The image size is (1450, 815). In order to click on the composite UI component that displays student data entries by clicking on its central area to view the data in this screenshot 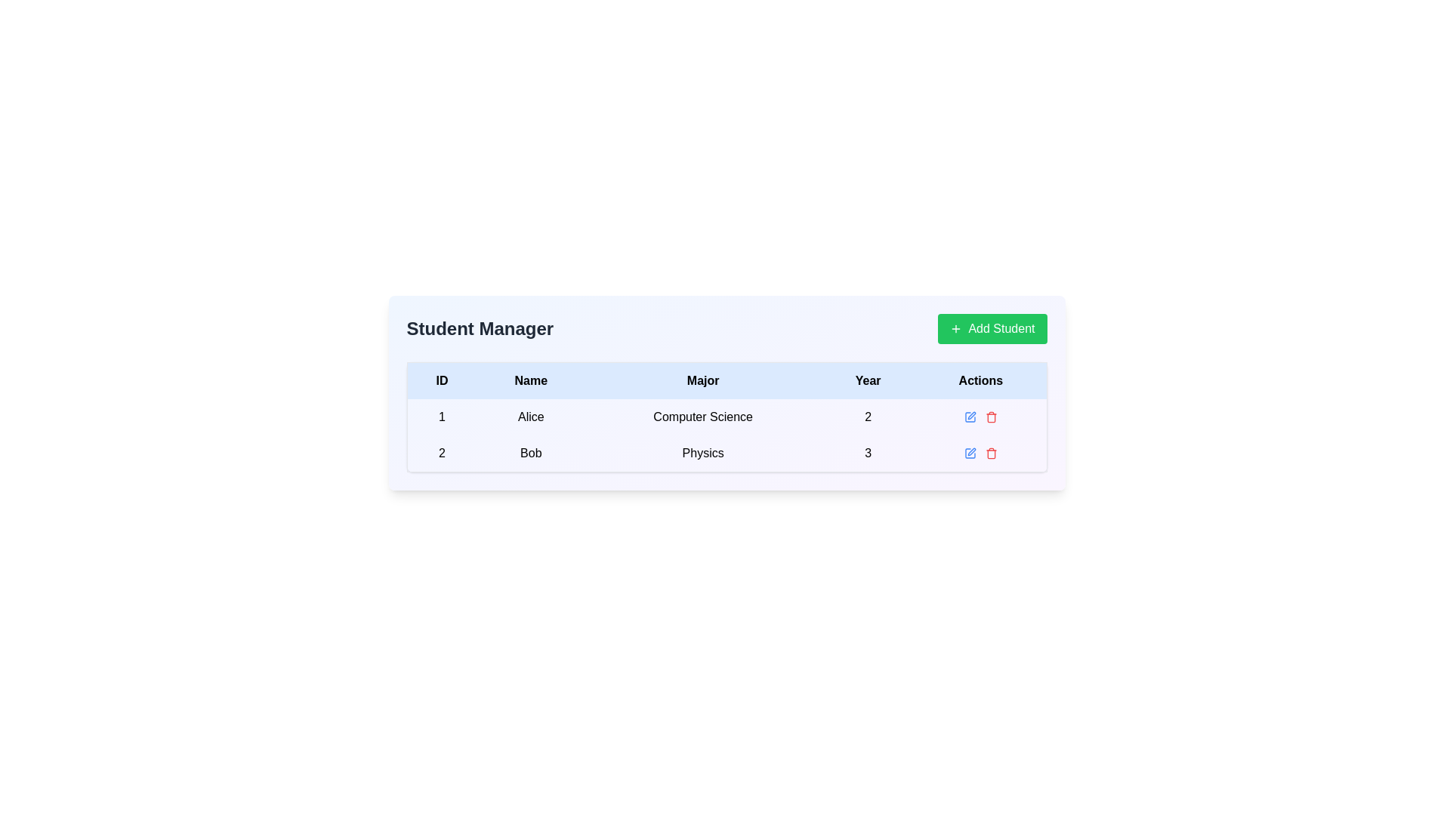, I will do `click(727, 392)`.